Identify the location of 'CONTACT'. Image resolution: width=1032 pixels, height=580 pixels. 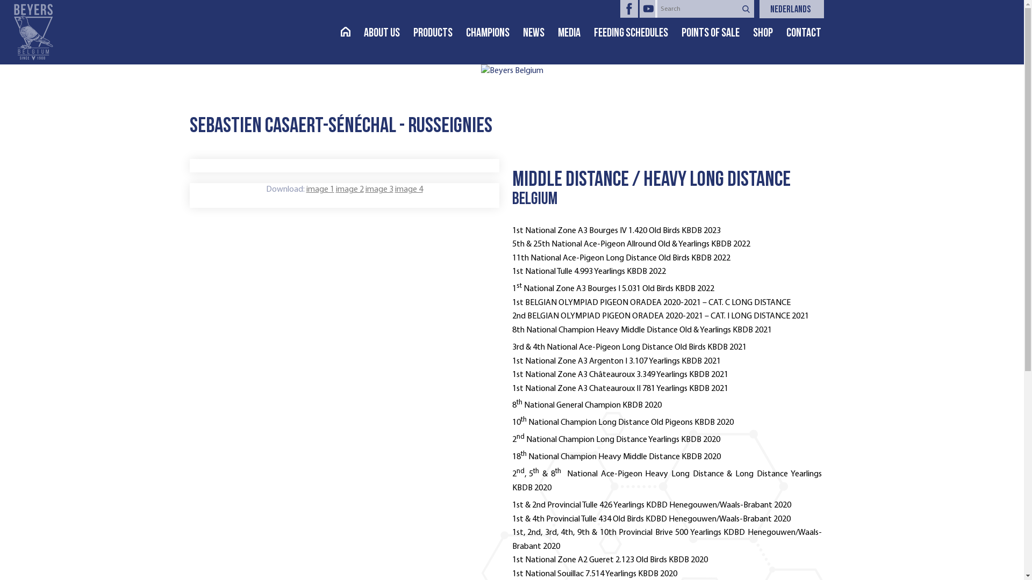
(810, 33).